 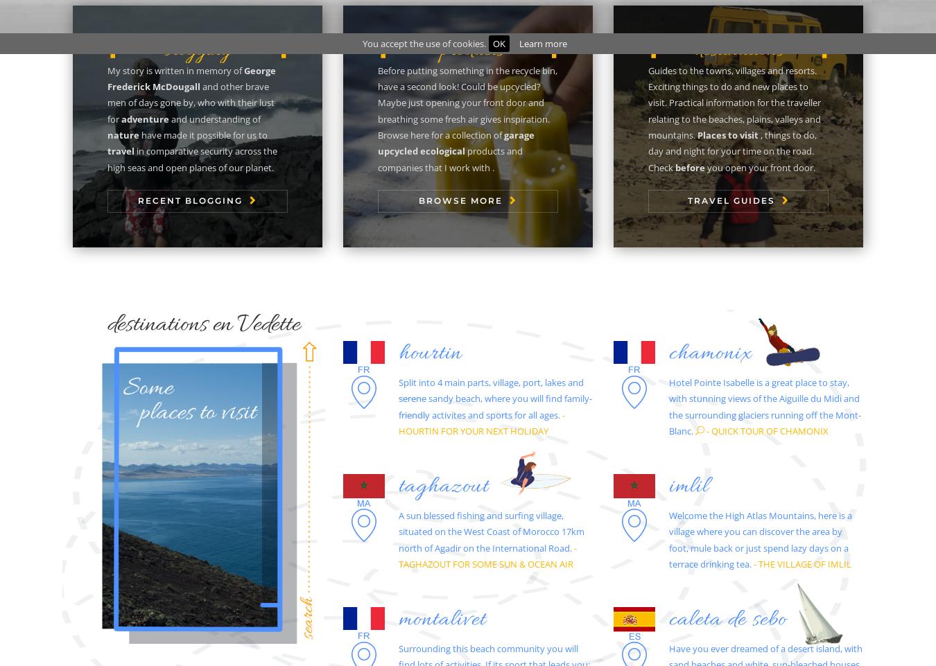 I want to click on 'Split into 4 main parts, village, port, lakes and serene sandy beach, where you will find family-friendly activites and sports for all ages.', so click(x=494, y=397).